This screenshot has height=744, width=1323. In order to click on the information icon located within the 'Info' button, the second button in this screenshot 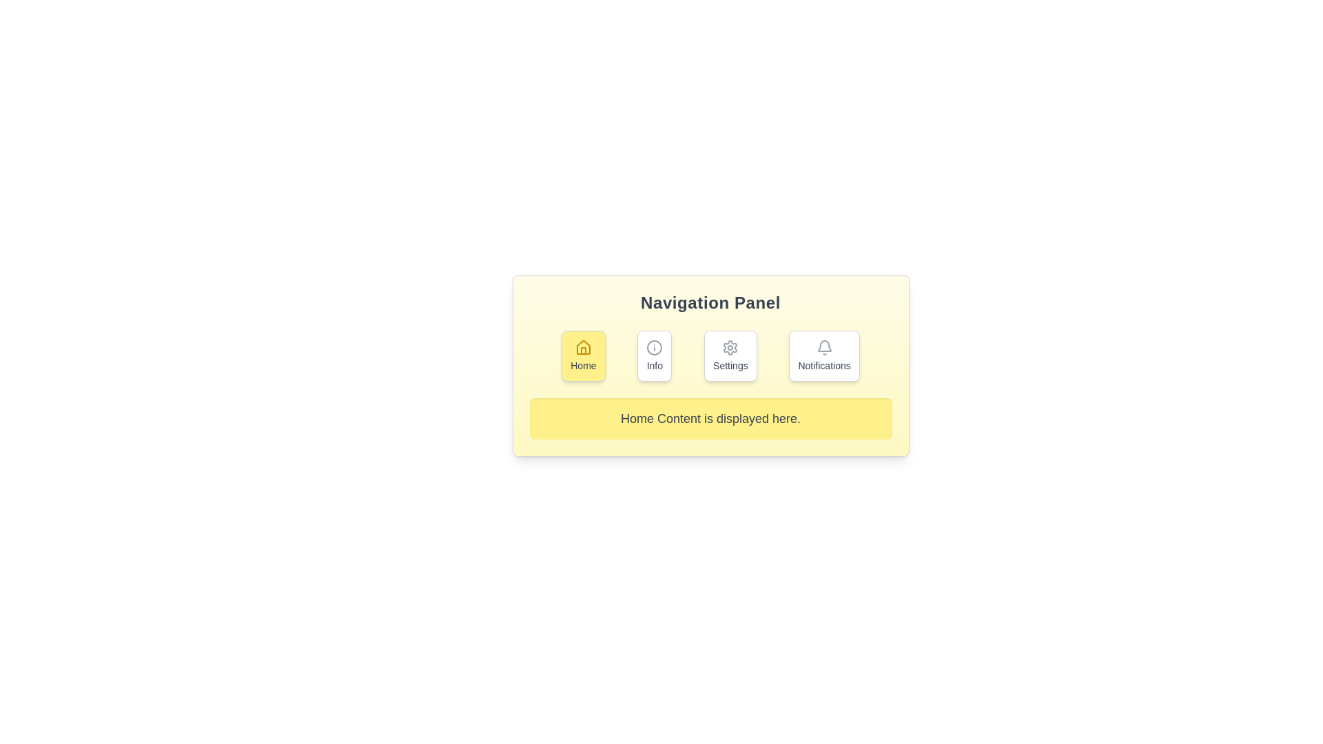, I will do `click(654, 347)`.